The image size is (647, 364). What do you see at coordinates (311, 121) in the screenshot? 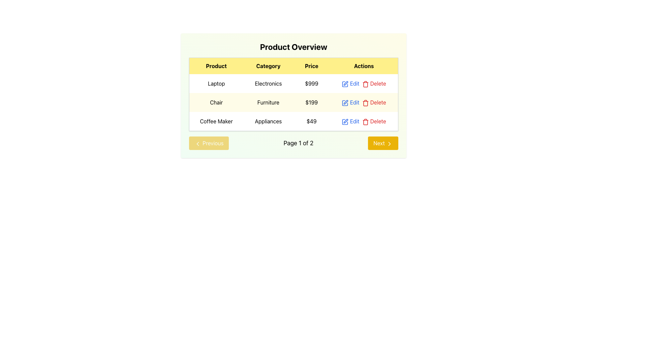
I see `the static text field displaying the price value '$49' located in the third row under the 'Price' column next to 'Appliances' category` at bounding box center [311, 121].